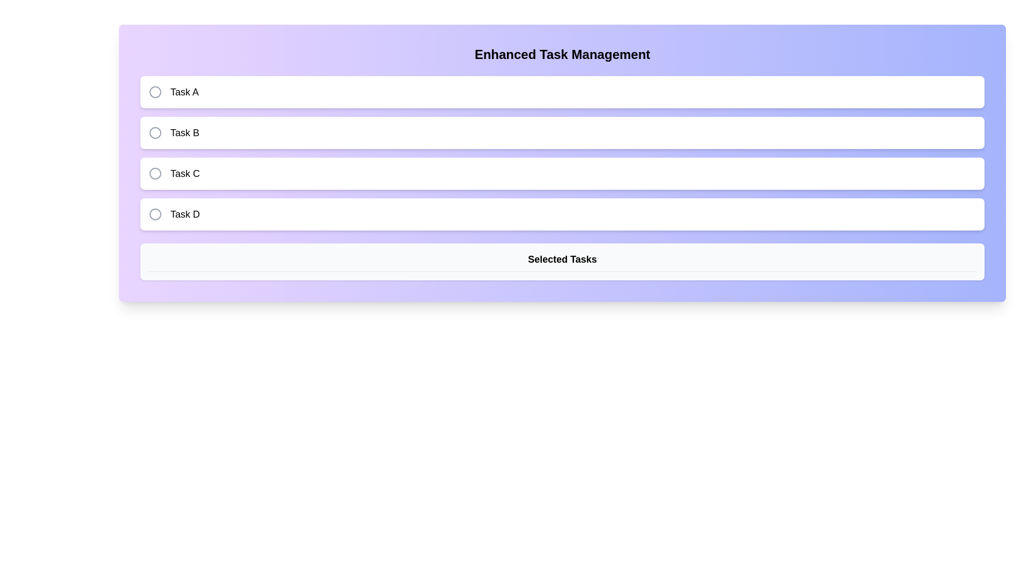 This screenshot has width=1029, height=579. What do you see at coordinates (154, 92) in the screenshot?
I see `the Circular icon located to the left of the text 'Task A', which serves as a selection indicator for that task` at bounding box center [154, 92].